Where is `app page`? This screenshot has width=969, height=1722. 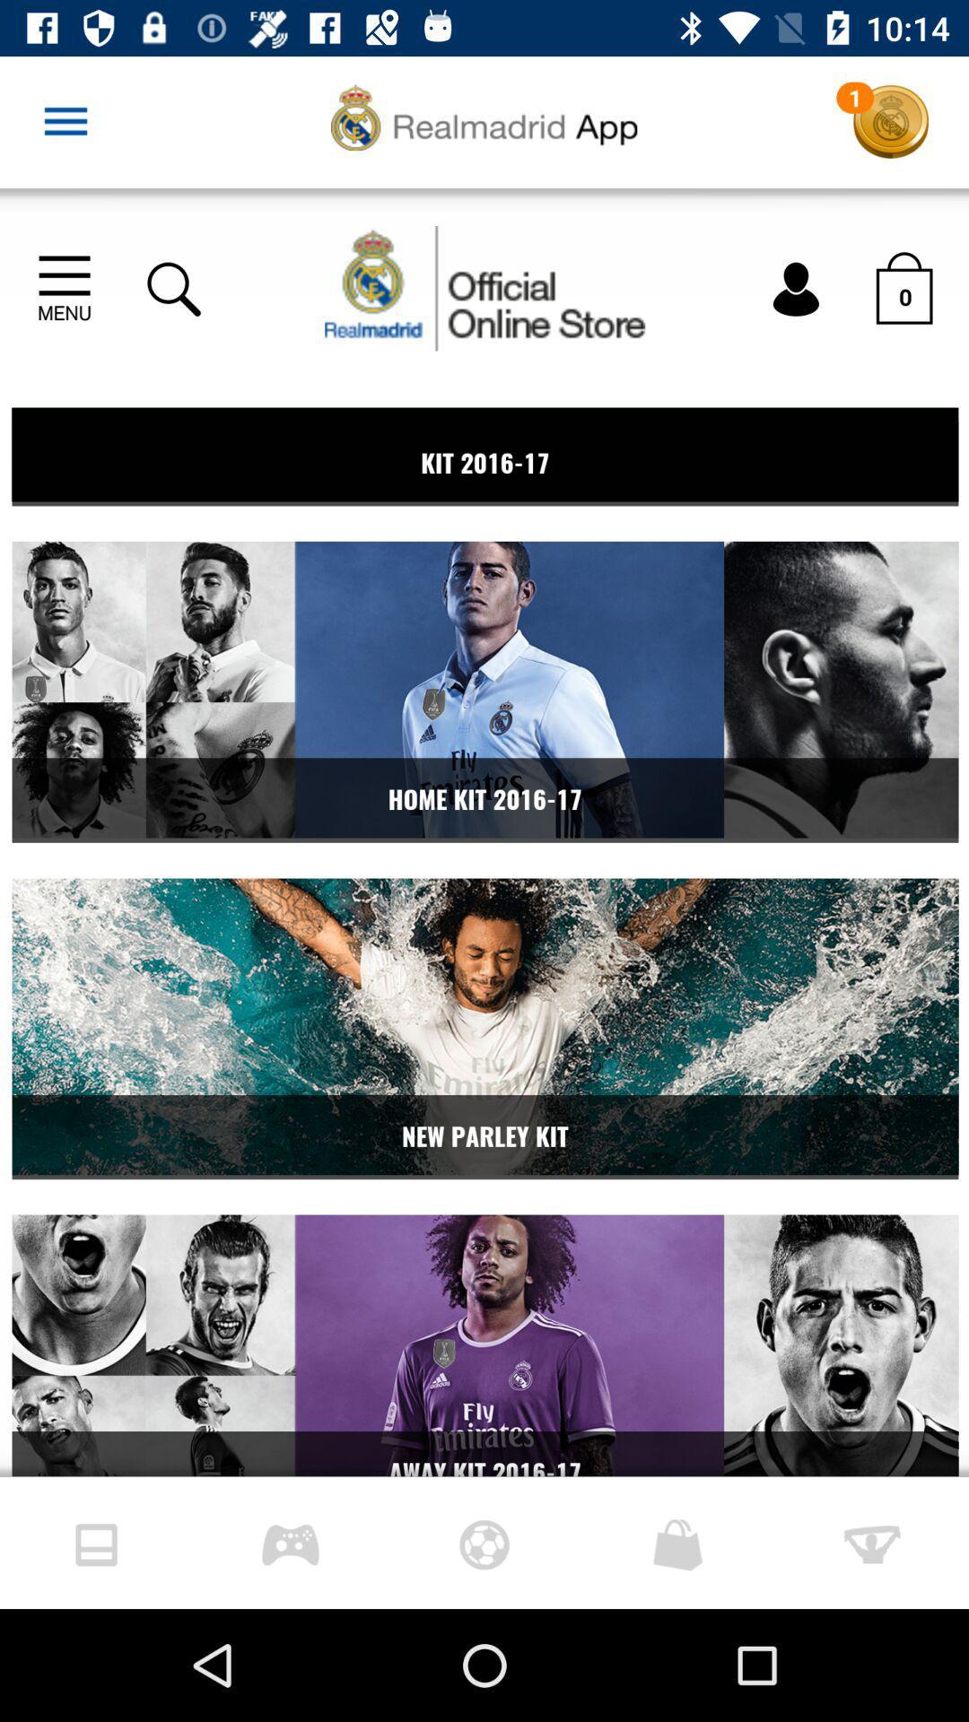
app page is located at coordinates (484, 831).